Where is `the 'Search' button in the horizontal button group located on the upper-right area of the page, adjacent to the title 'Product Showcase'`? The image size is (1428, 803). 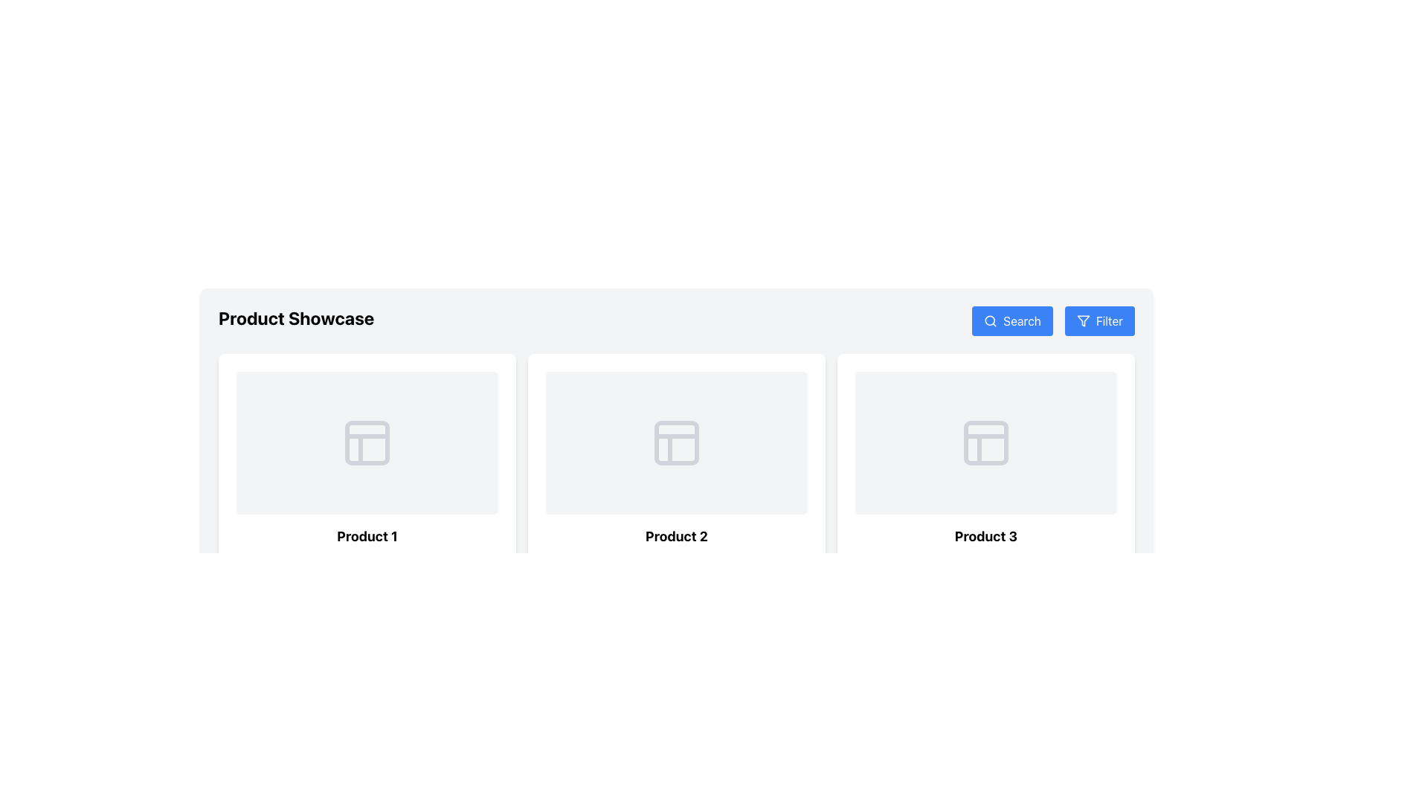
the 'Search' button in the horizontal button group located on the upper-right area of the page, adjacent to the title 'Product Showcase' is located at coordinates (1052, 320).